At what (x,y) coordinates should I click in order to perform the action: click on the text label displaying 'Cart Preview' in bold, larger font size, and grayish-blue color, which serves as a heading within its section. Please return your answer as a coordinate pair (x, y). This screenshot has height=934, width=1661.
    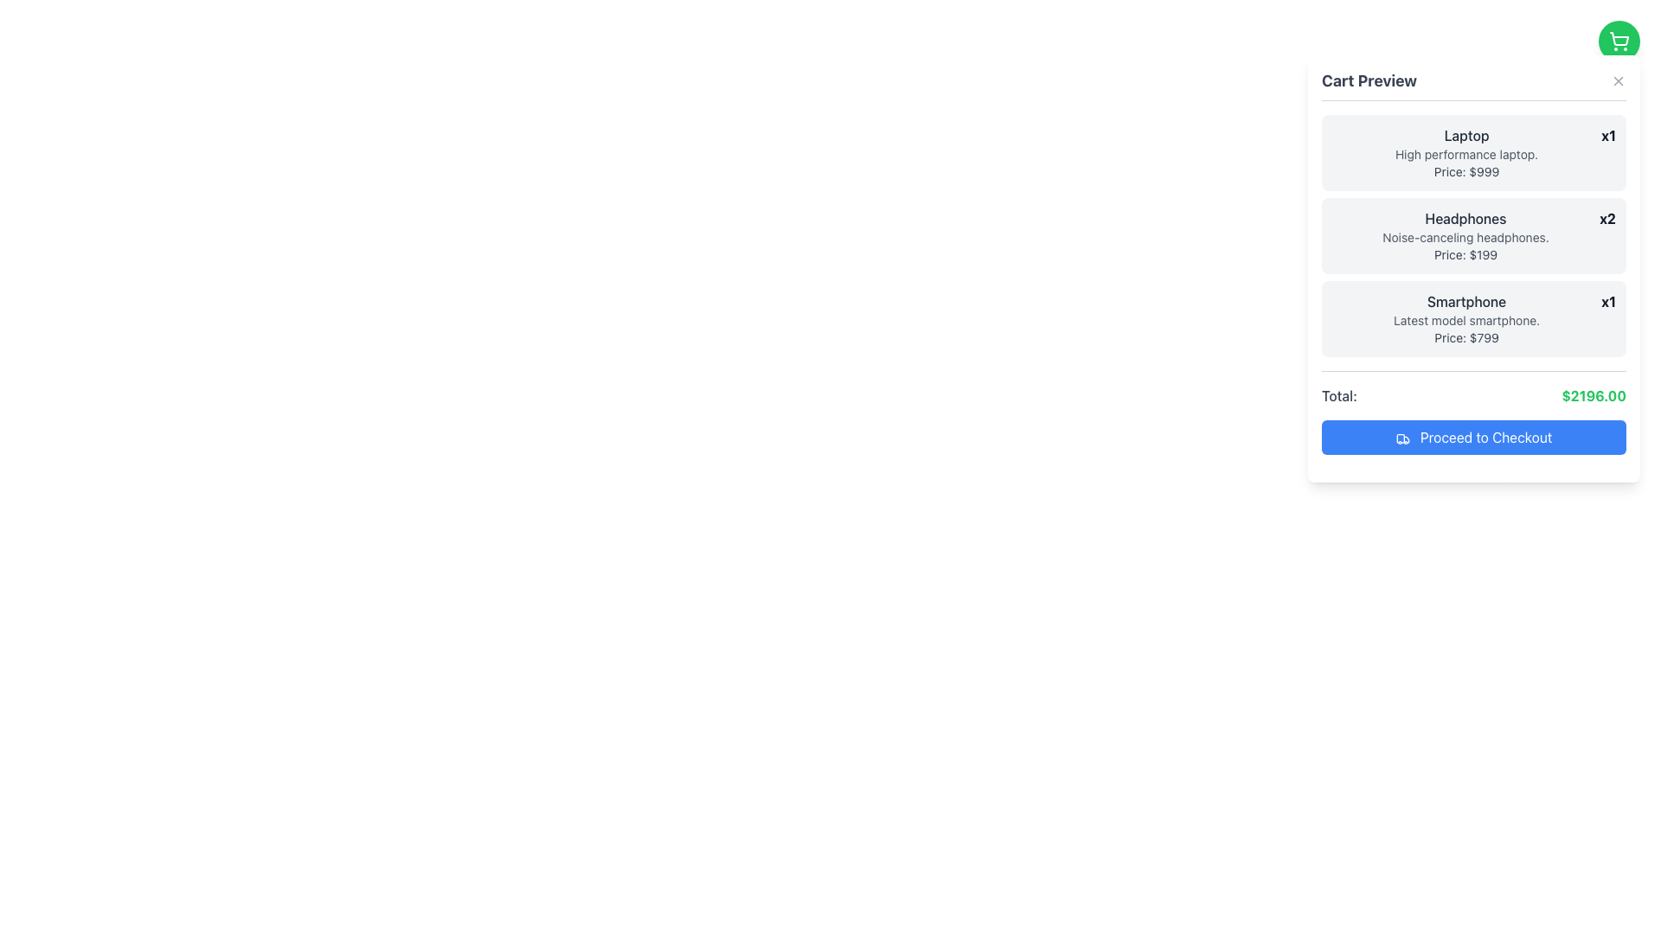
    Looking at the image, I should click on (1369, 80).